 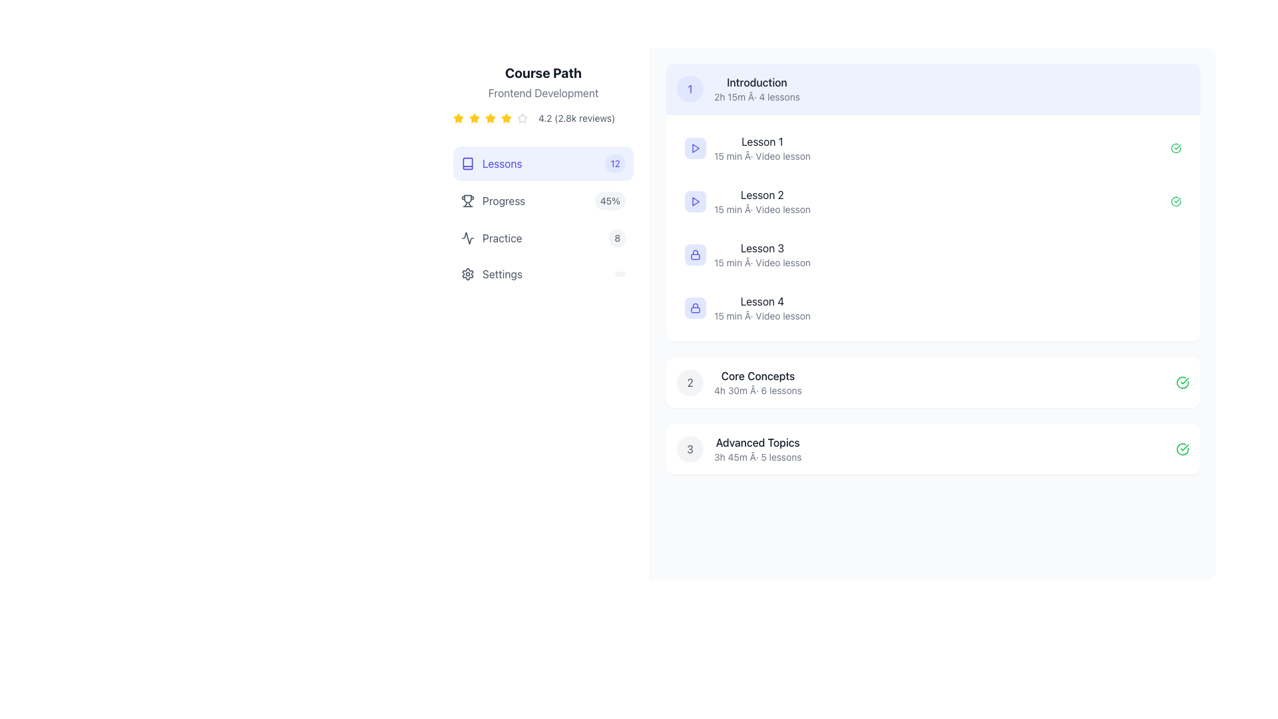 I want to click on the static text label displaying '15 min Â· Video lesson' to potentially reveal more details, so click(x=762, y=262).